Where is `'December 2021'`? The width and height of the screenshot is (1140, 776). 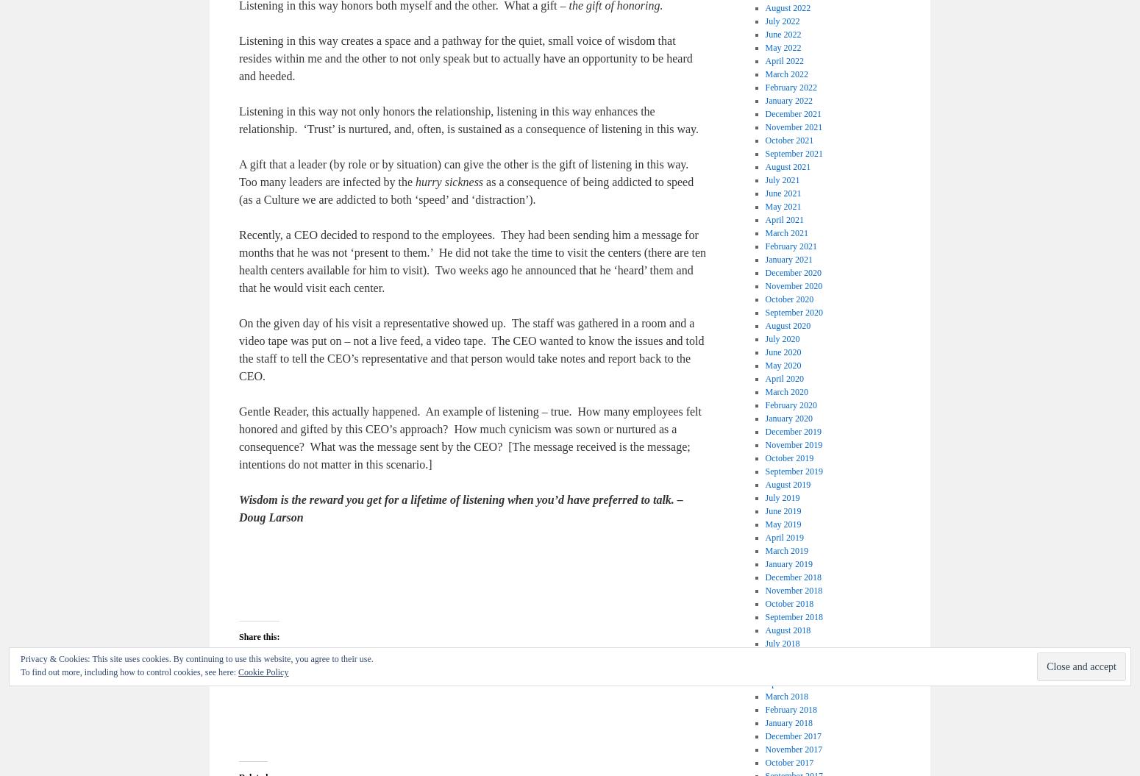 'December 2021' is located at coordinates (793, 113).